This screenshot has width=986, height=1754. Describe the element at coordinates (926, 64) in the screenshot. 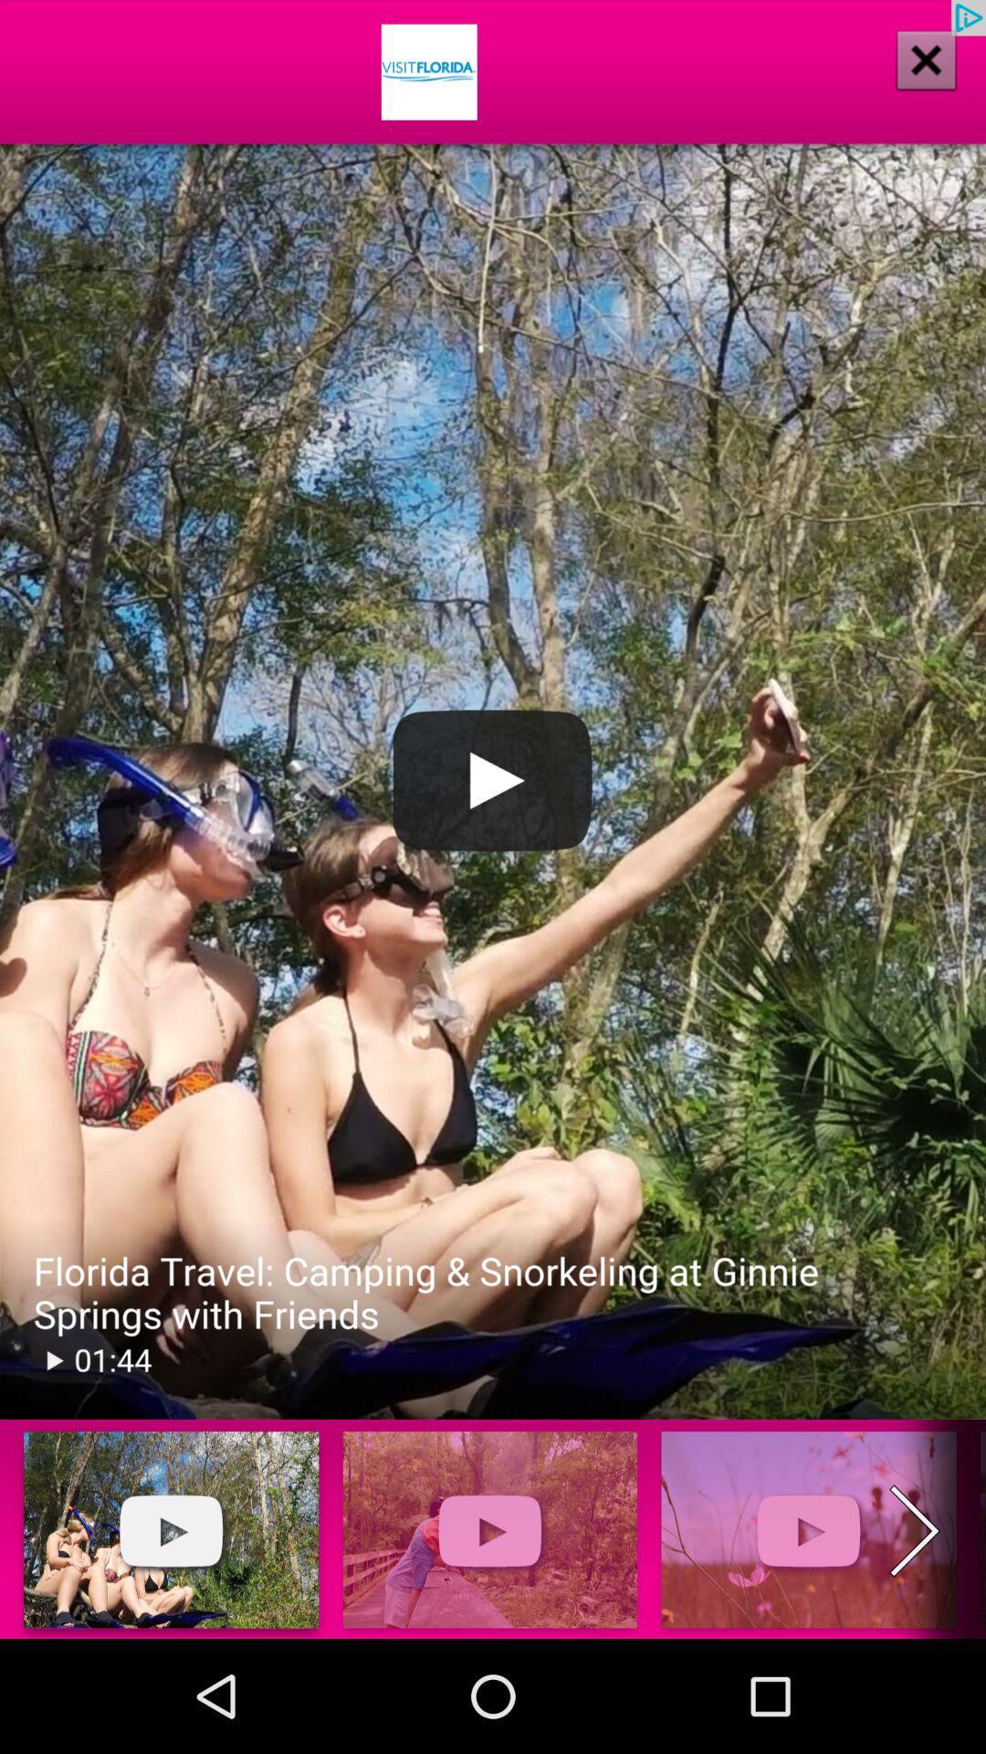

I see `the close icon` at that location.